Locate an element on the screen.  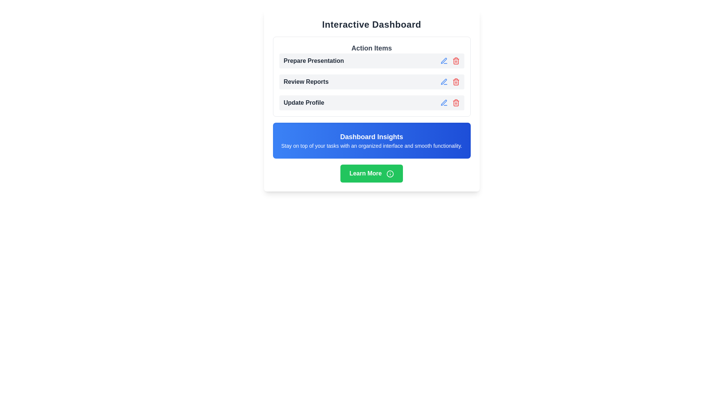
the stylized pen icon representing an edit action located in the second row of action items labeled 'Review Reports' to initiate an edit action is located at coordinates (444, 82).